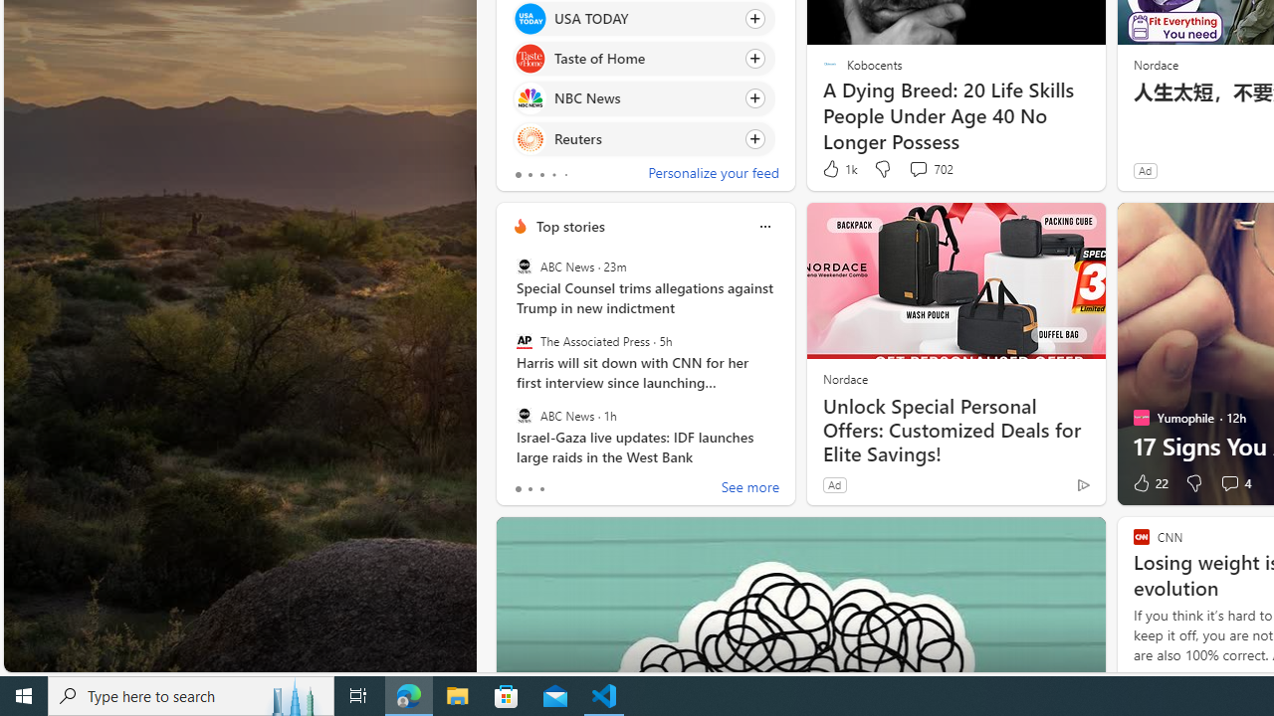 The image size is (1274, 716). What do you see at coordinates (530, 489) in the screenshot?
I see `'tab-1'` at bounding box center [530, 489].